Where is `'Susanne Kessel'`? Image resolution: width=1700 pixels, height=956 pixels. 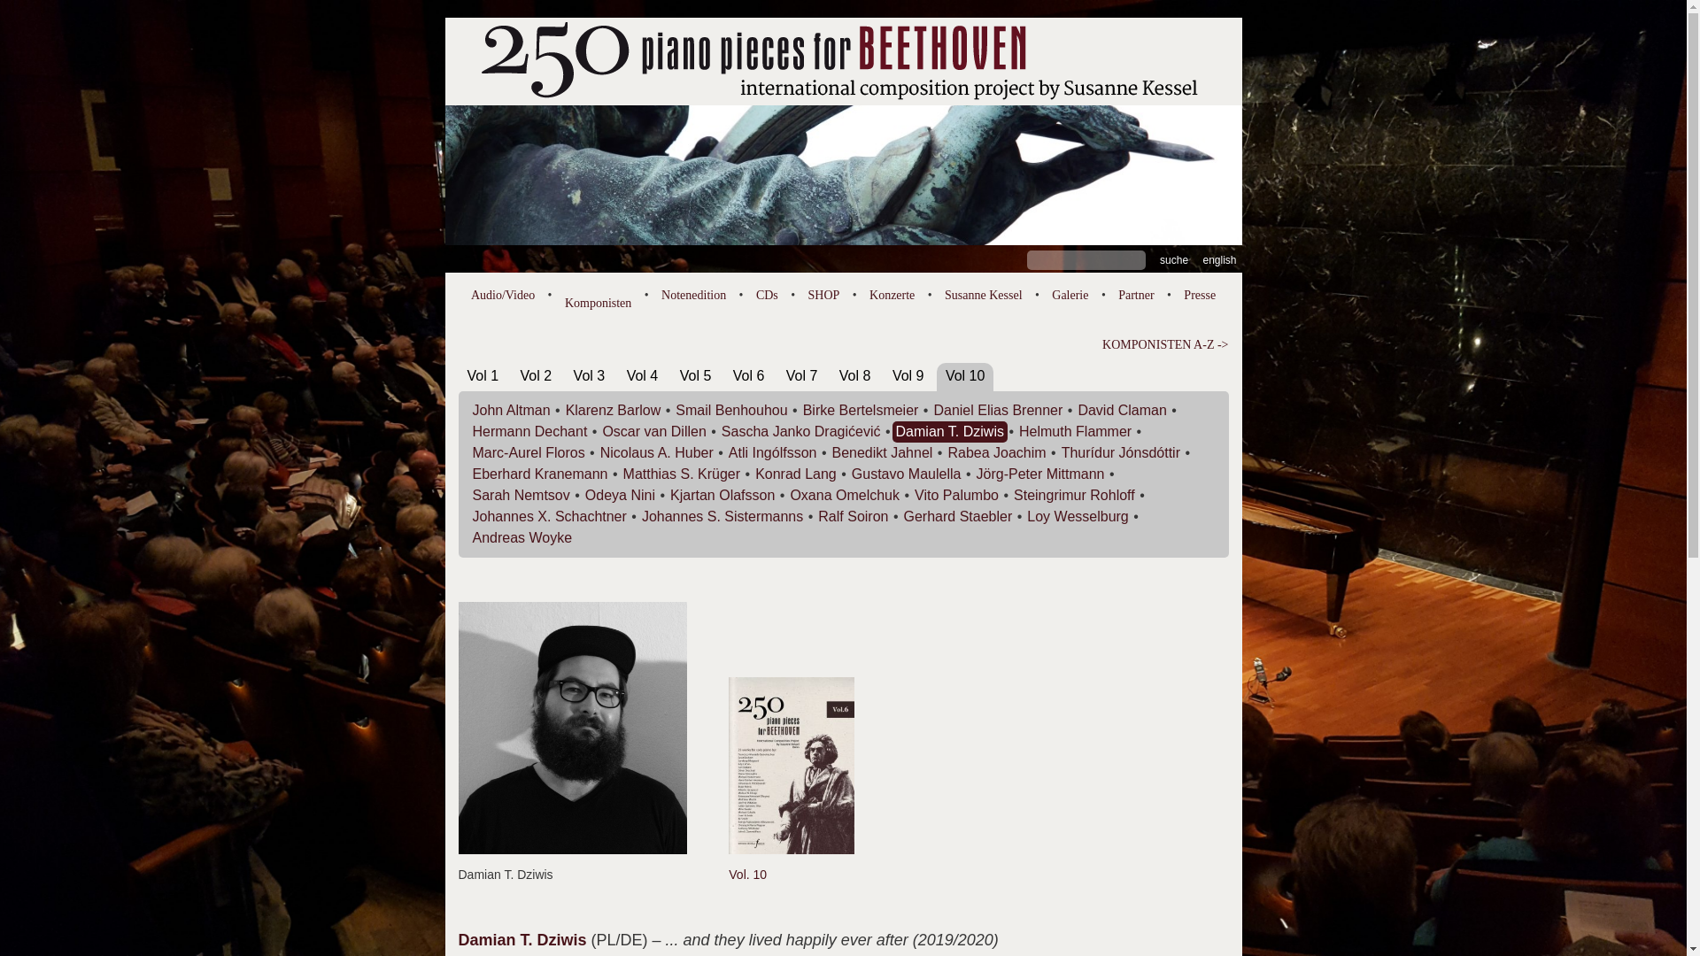
'Susanne Kessel' is located at coordinates (982, 294).